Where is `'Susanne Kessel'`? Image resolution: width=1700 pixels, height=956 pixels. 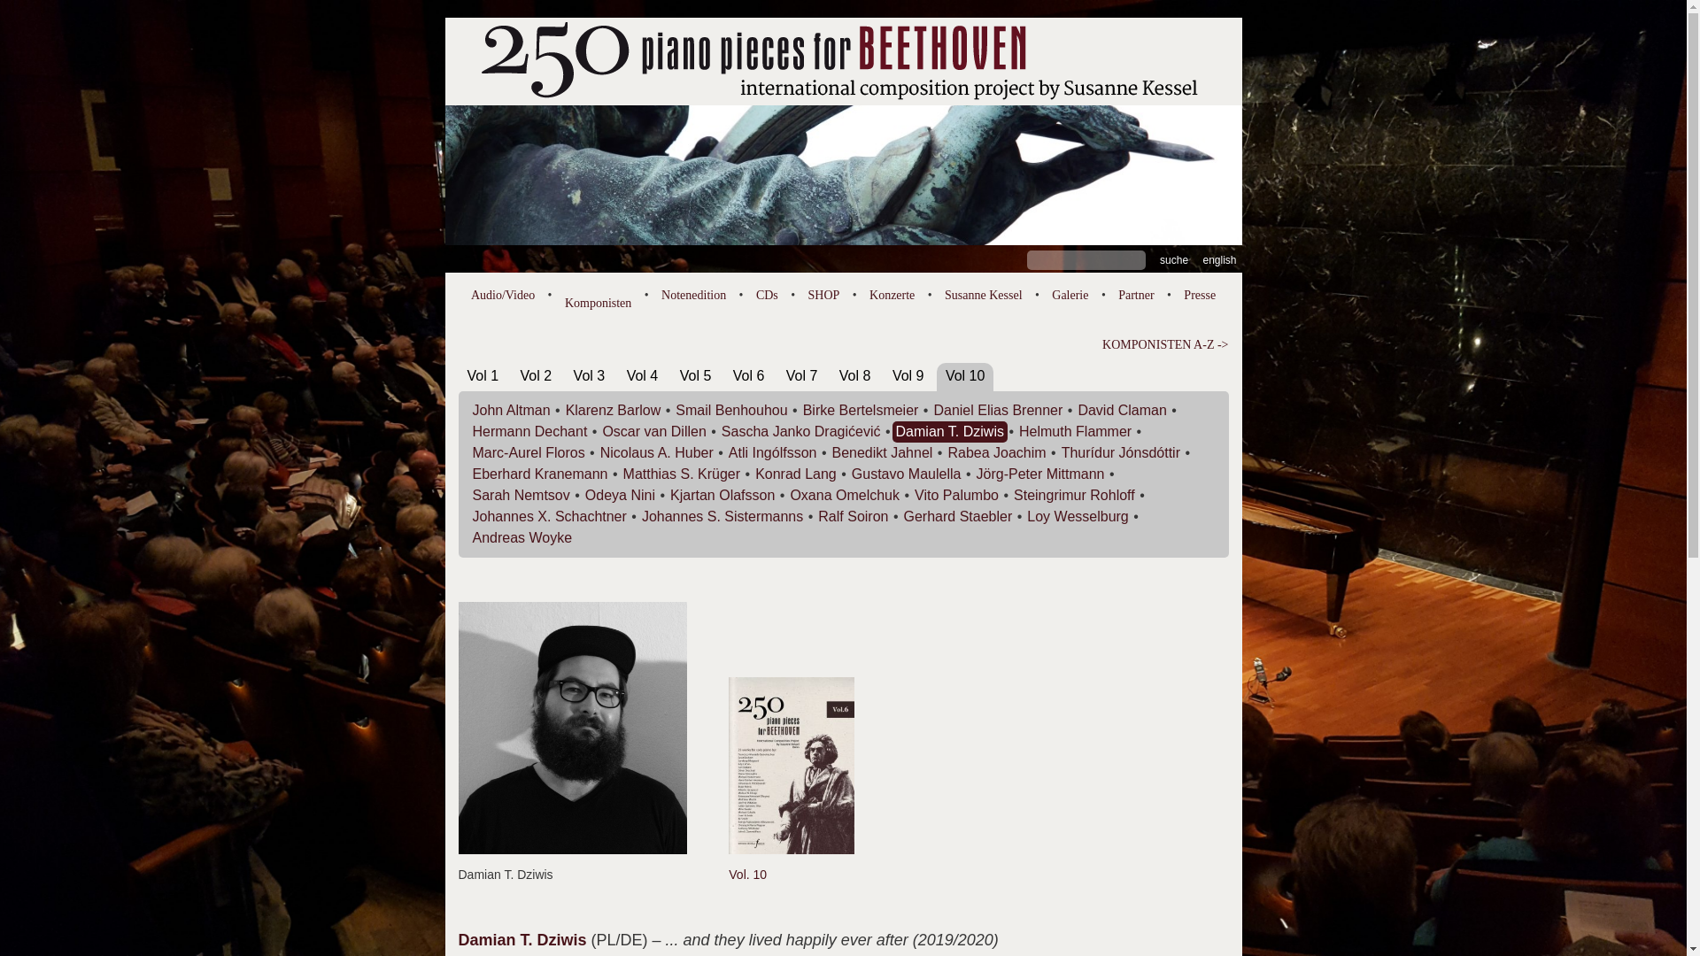
'Susanne Kessel' is located at coordinates (982, 294).